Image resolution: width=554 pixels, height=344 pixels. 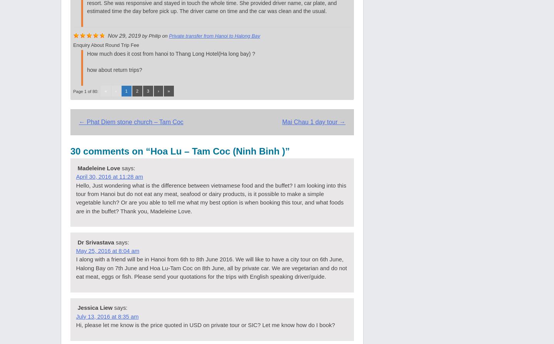 I want to click on 'Hoa Lu – Tam Coc (Ninh Binh )', so click(x=217, y=151).